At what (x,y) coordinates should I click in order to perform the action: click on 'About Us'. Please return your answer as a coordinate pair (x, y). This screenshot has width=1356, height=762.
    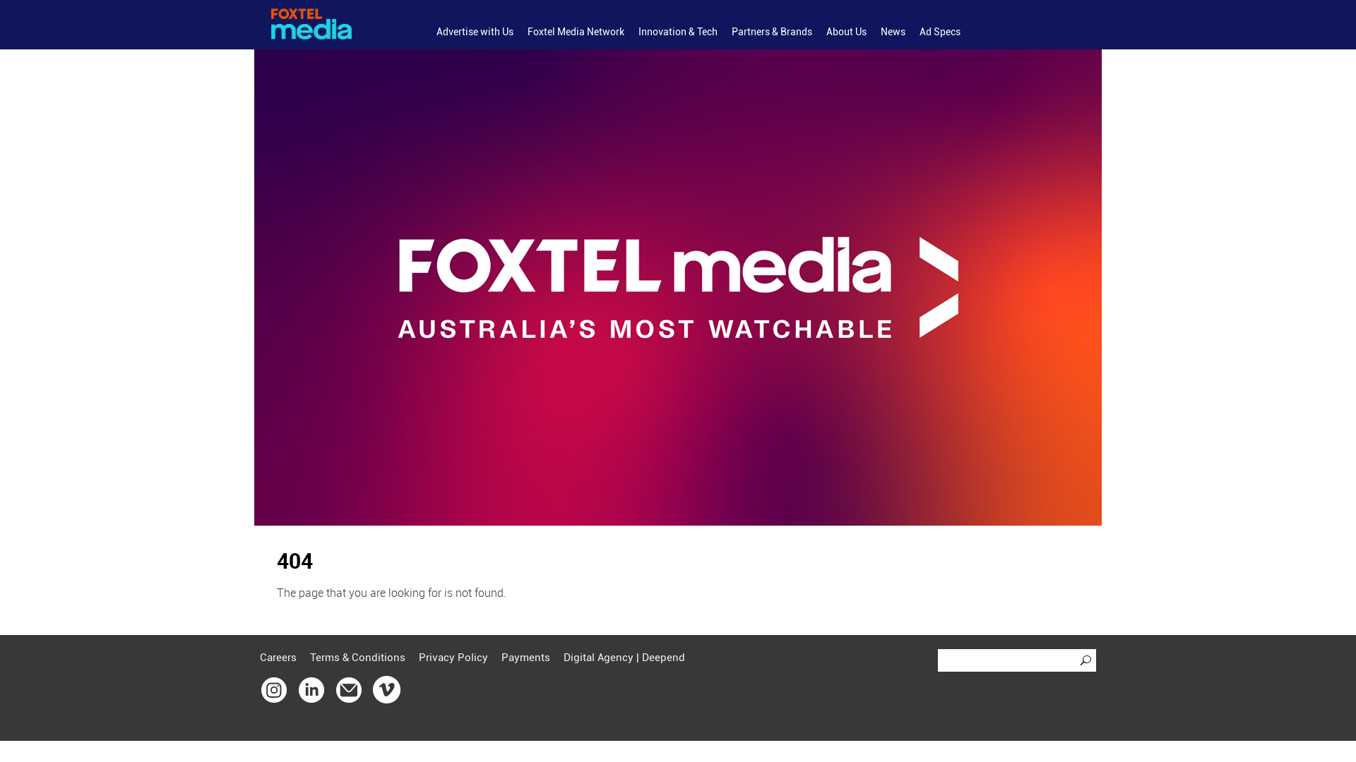
    Looking at the image, I should click on (846, 32).